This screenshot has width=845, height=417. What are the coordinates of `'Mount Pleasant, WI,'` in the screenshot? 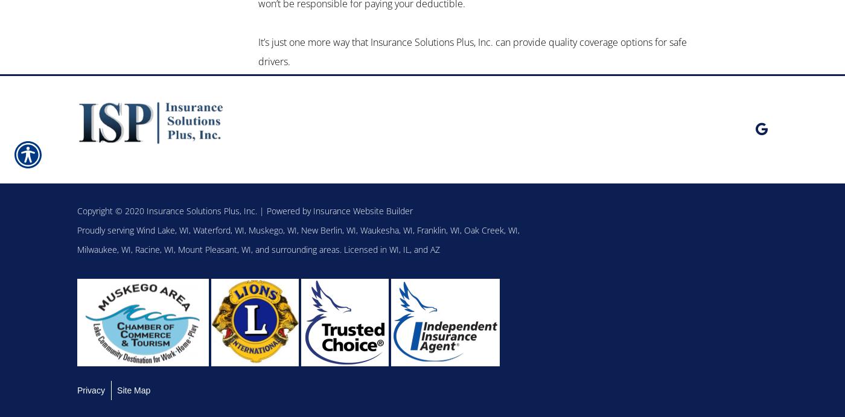 It's located at (216, 249).